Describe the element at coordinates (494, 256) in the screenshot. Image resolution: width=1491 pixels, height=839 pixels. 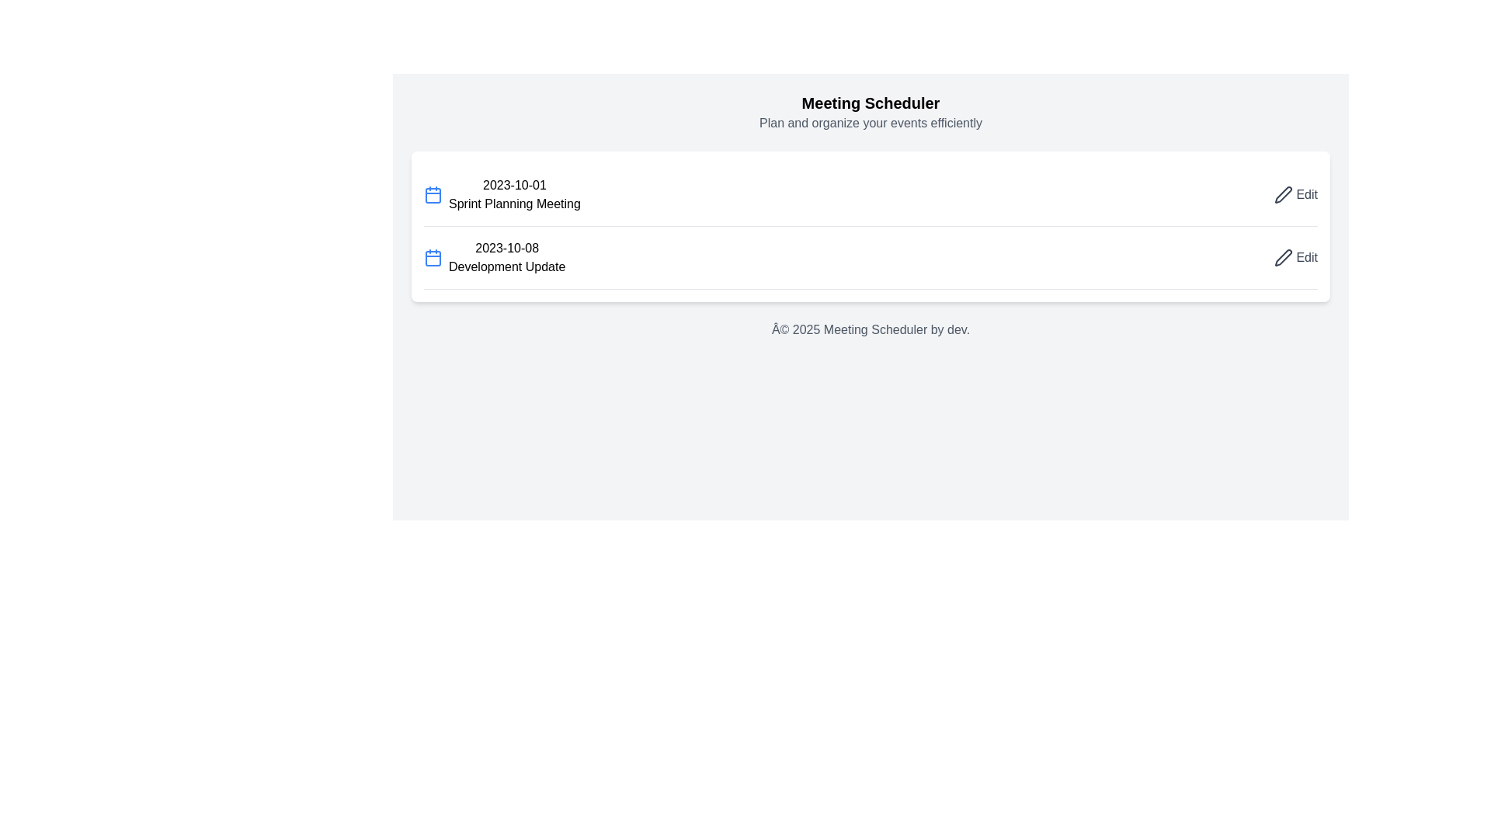
I see `the second item in the descriptive list titled 'Development Update', which is located below 'Sprint Planning Meeting'` at that location.